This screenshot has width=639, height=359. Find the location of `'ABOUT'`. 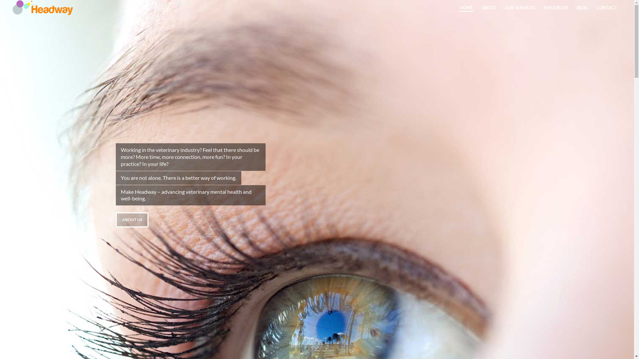

'ABOUT' is located at coordinates (477, 8).